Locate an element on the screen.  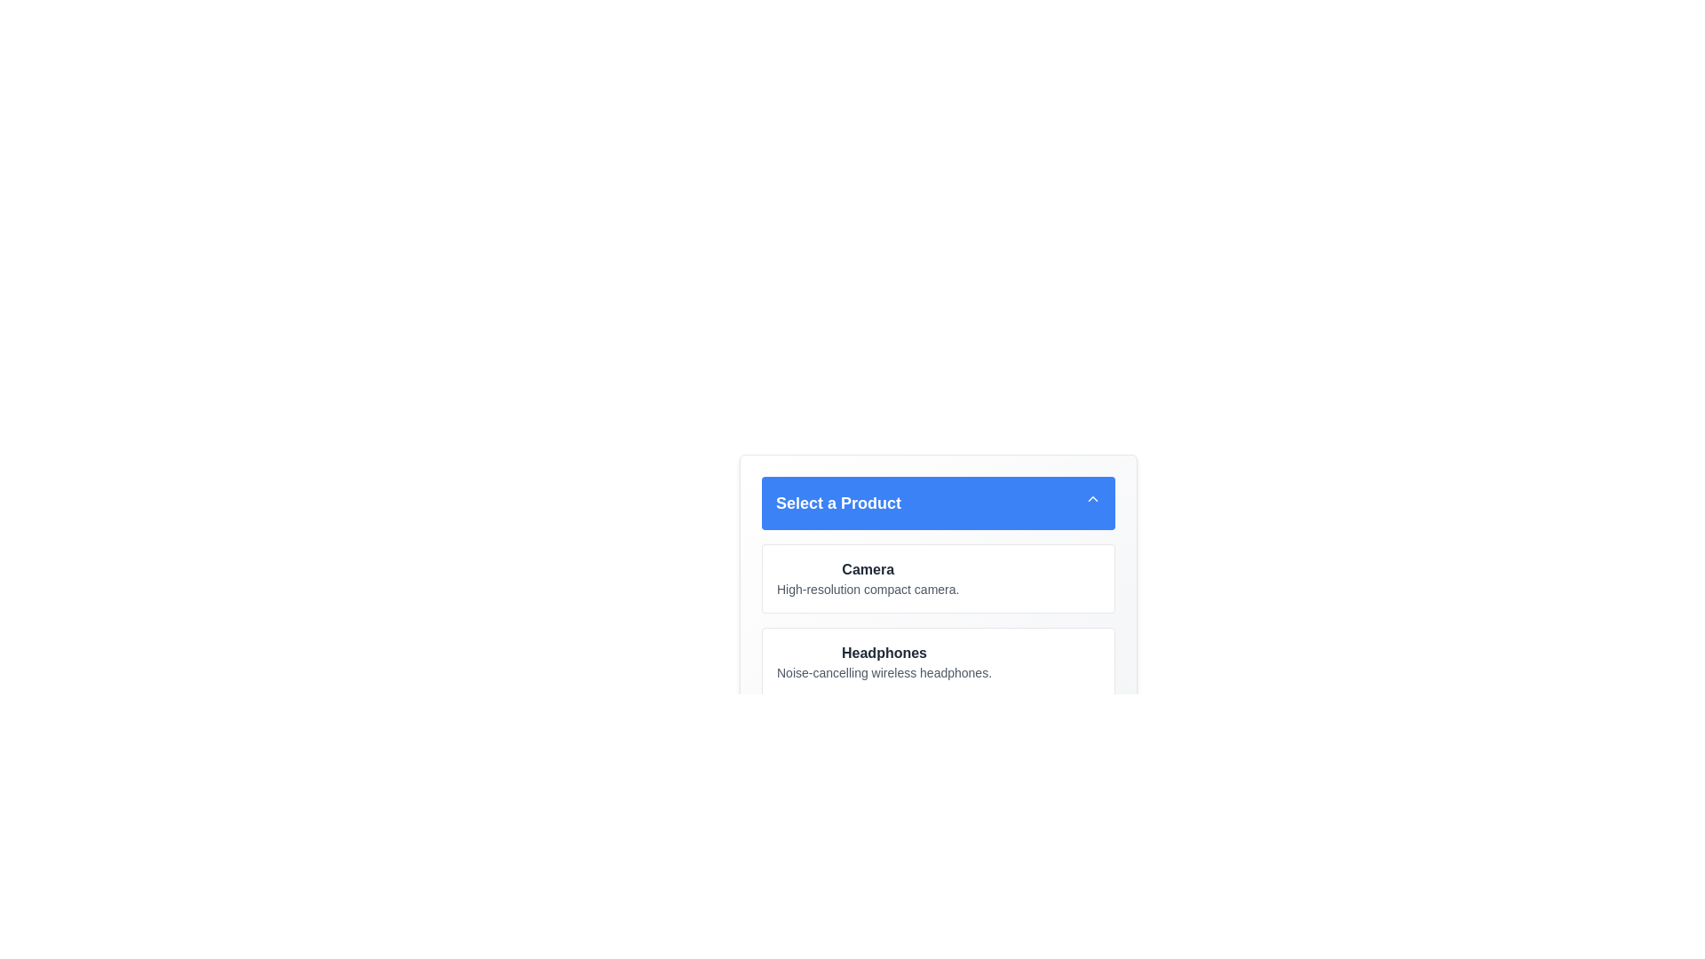
the Text label that identifies the item being described, located under the section 'Select a Product' and below the item labeled 'Camera' is located at coordinates (884, 654).